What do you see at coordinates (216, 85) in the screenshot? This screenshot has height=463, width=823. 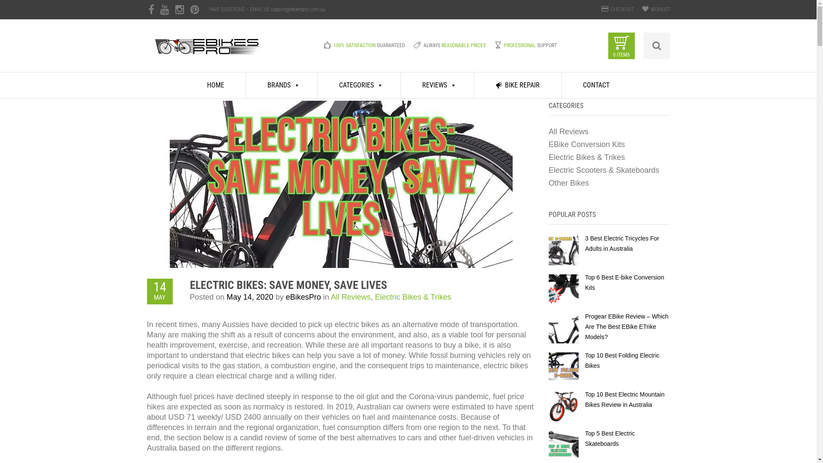 I see `'HOME'` at bounding box center [216, 85].